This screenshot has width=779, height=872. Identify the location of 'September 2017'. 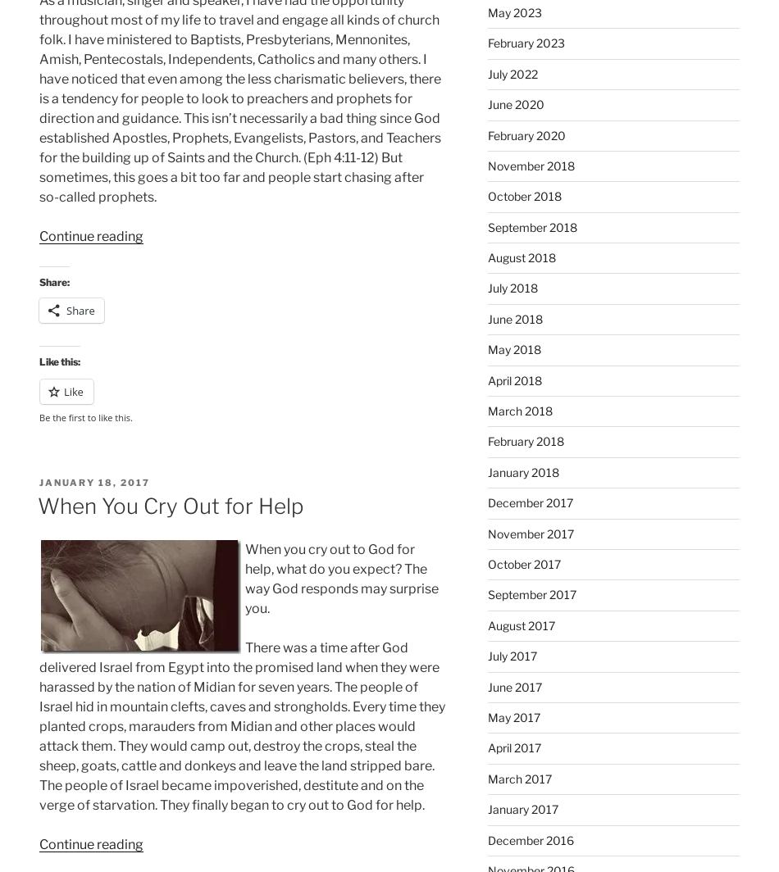
(531, 594).